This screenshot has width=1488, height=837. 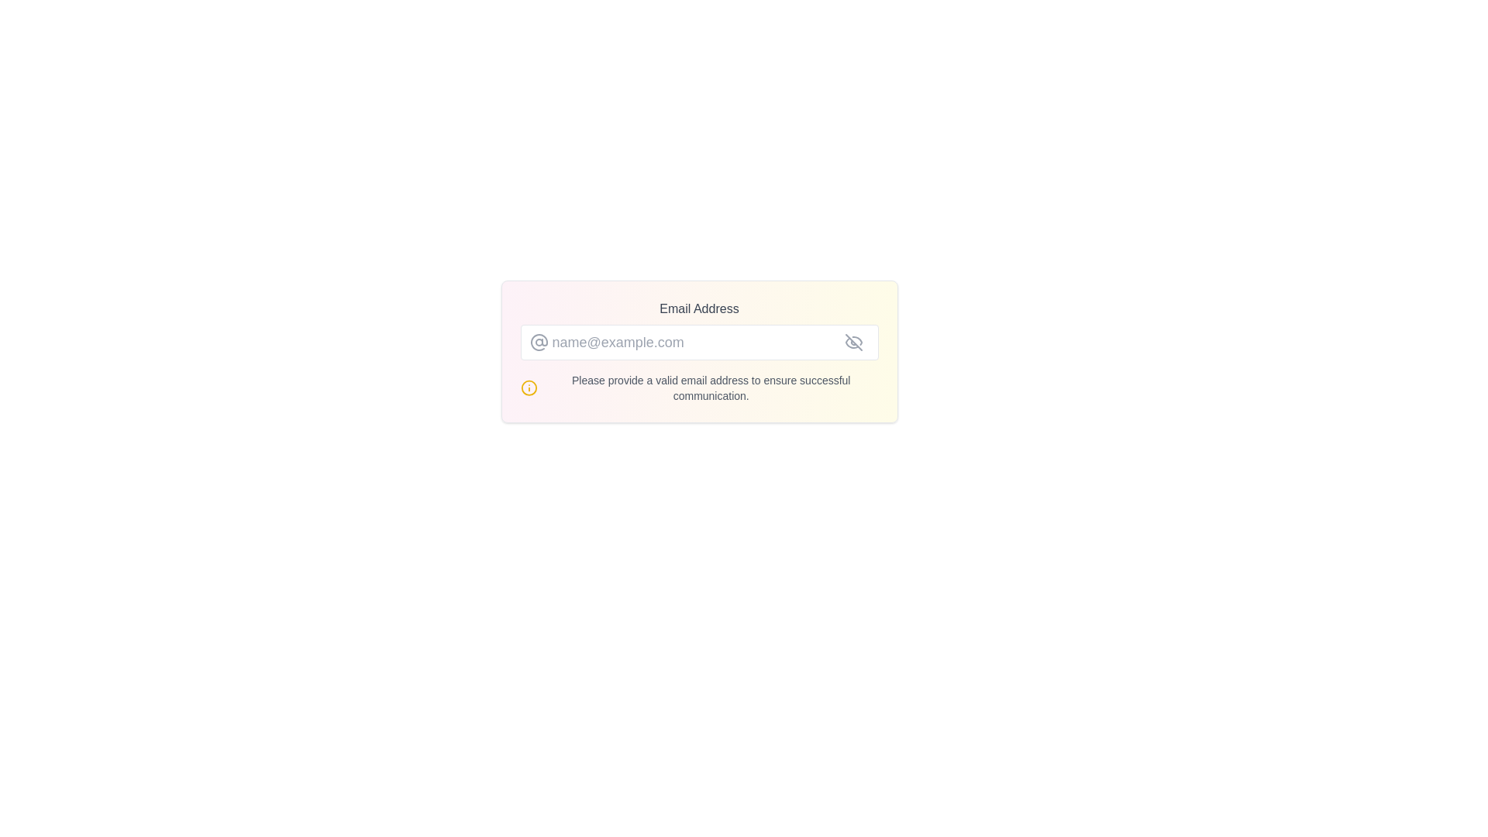 I want to click on the Decorative SVG Circle, which serves as a boundary component of the icon to the left of the email input field, so click(x=529, y=387).